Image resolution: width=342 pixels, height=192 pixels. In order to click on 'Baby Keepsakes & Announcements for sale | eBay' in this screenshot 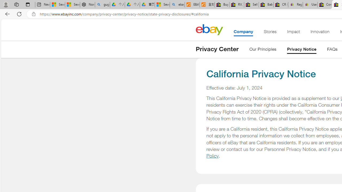, I will do `click(266, 5)`.